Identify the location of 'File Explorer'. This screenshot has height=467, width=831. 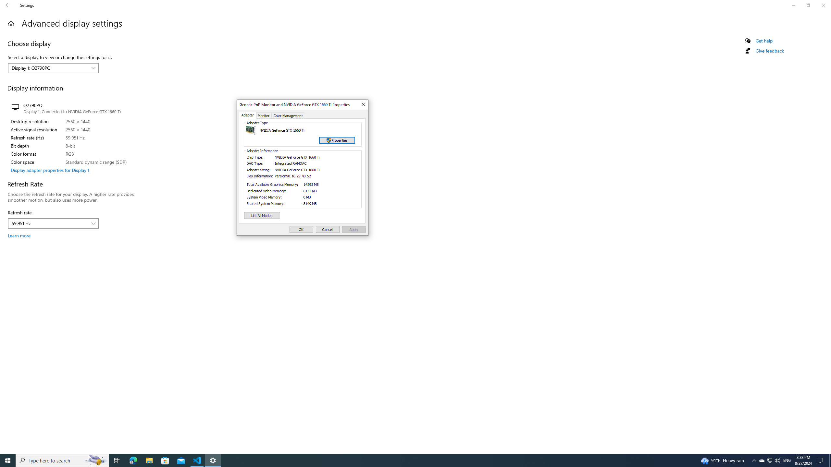
(149, 460).